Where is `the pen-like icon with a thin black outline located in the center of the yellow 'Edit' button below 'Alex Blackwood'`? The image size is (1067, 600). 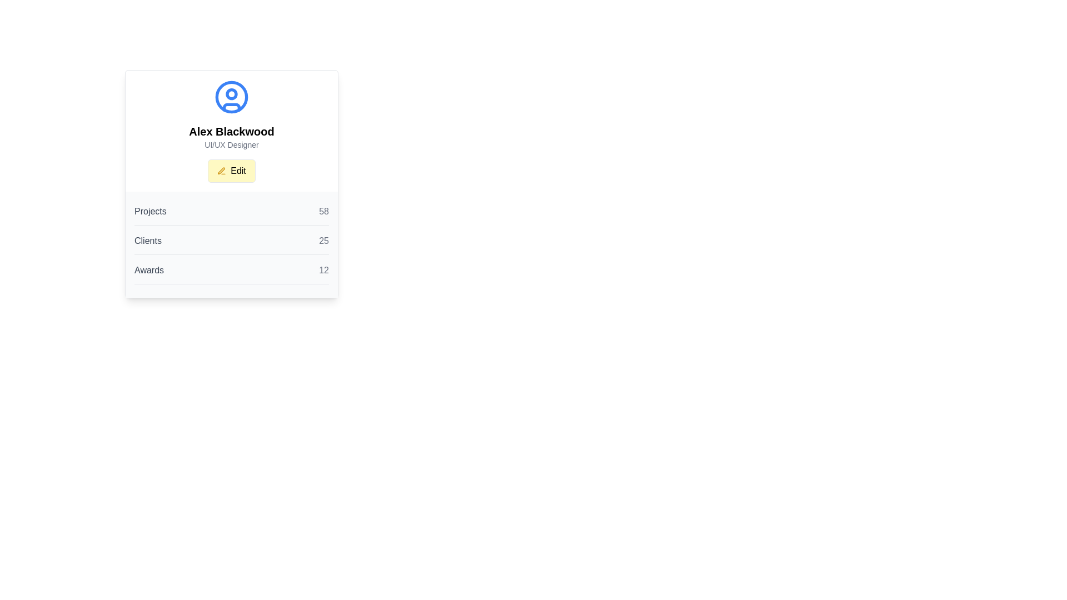 the pen-like icon with a thin black outline located in the center of the yellow 'Edit' button below 'Alex Blackwood' is located at coordinates (221, 171).